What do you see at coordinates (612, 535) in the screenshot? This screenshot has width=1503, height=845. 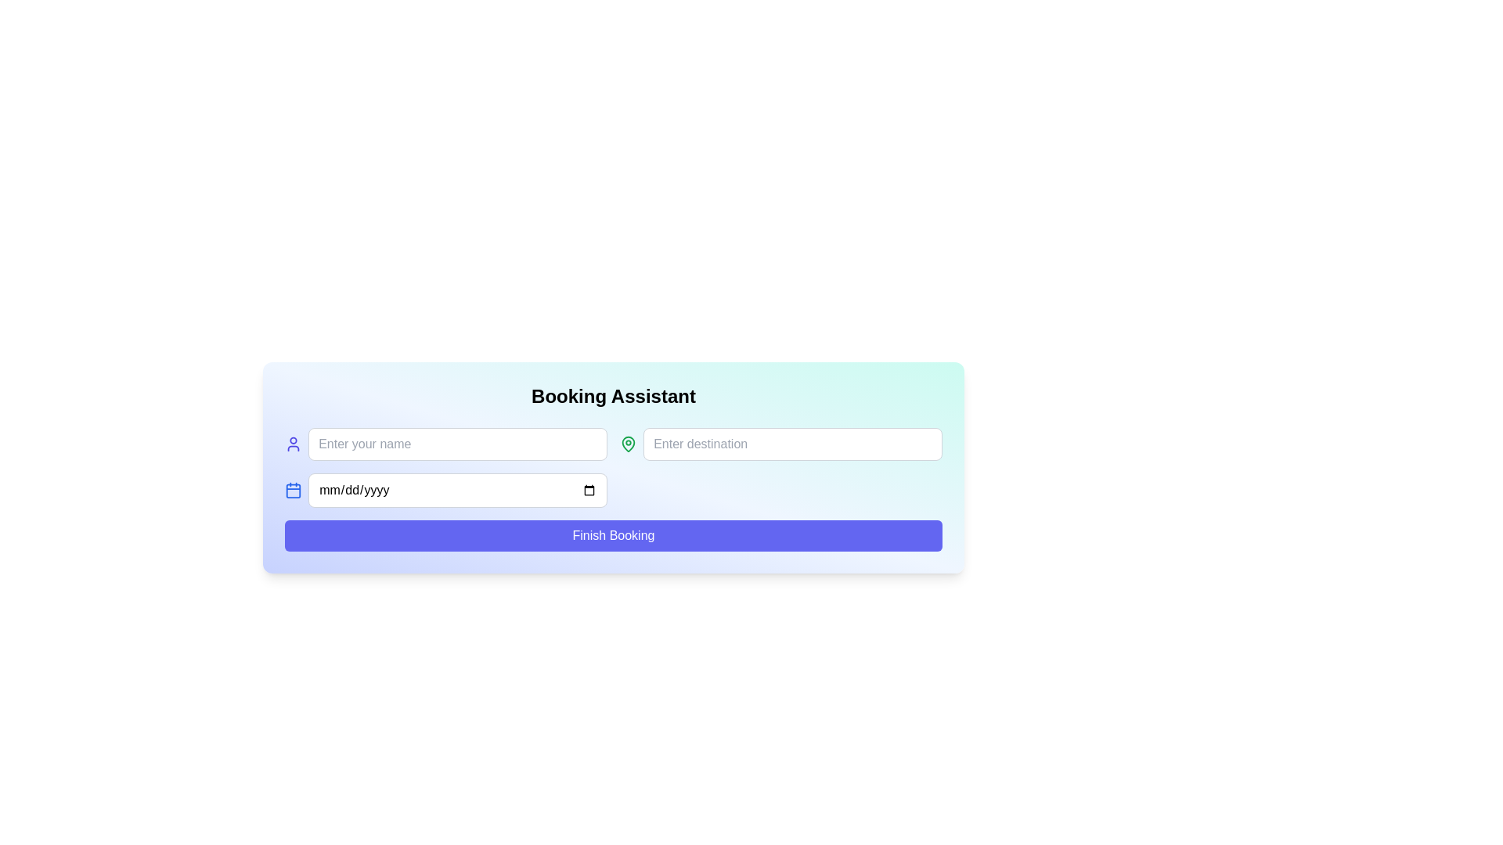 I see `the 'Finalize Booking' button located at the bottom of the 'Booking Assistant' form to trigger a background color change` at bounding box center [612, 535].